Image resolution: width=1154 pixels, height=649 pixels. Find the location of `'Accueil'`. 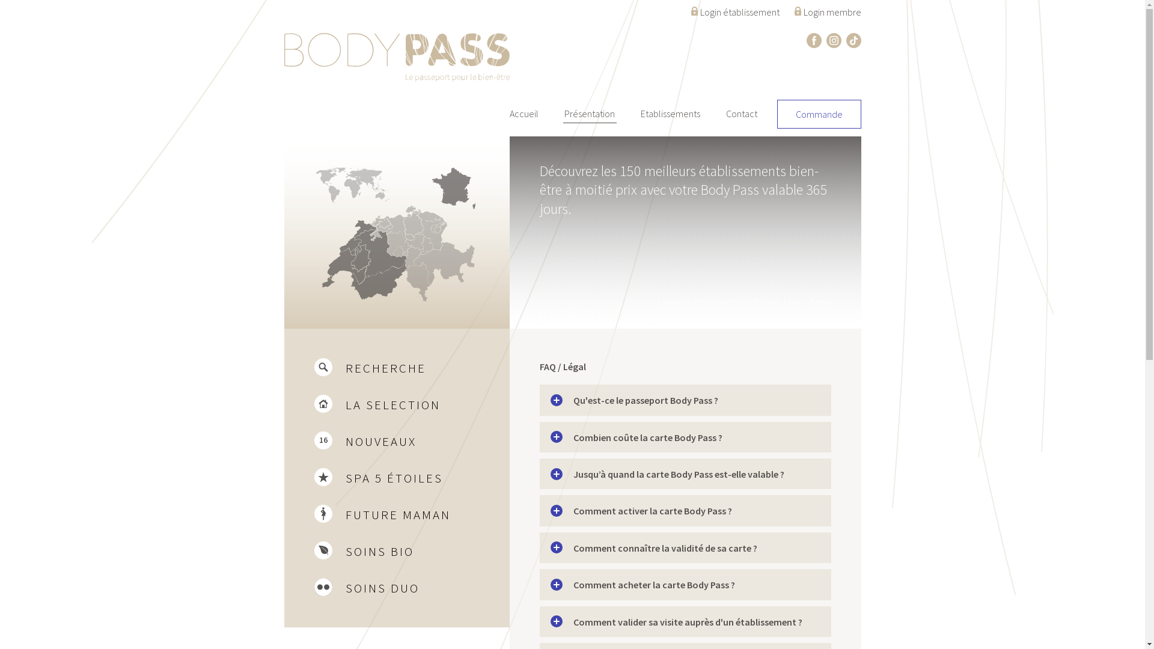

'Accueil' is located at coordinates (524, 114).